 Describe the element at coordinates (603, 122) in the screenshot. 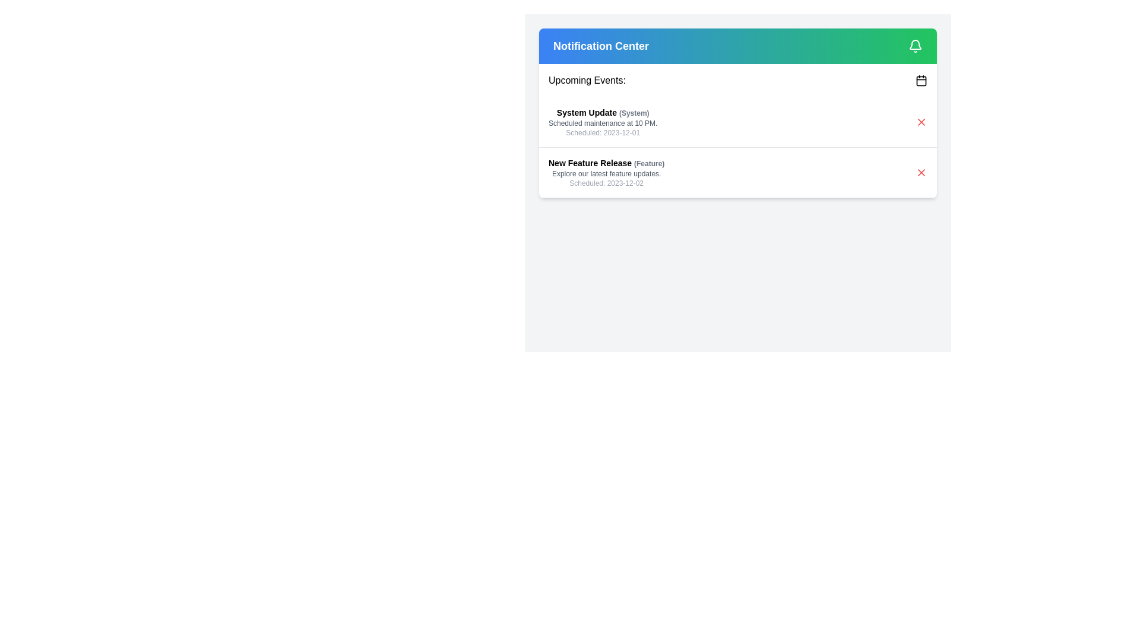

I see `information from the text block titled 'System Update (System)' located at the top-left corner of the notifications list in the 'Notification Center'` at that location.